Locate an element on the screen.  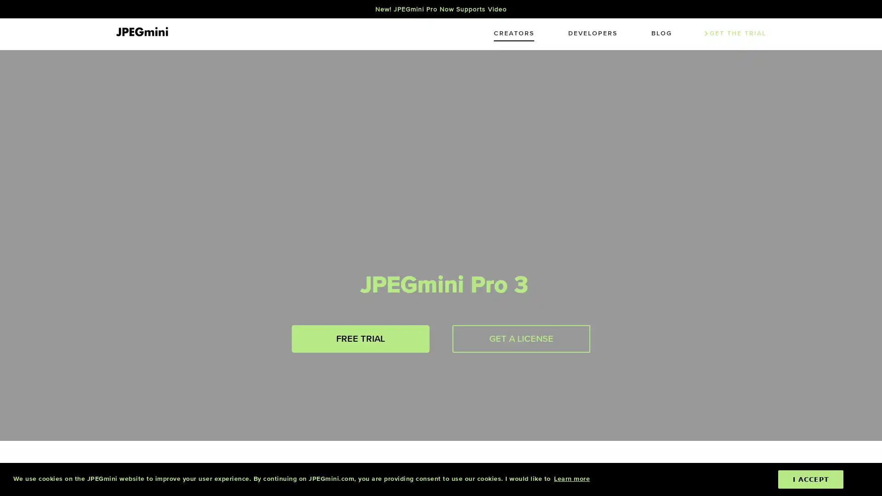
FREE TRIAL is located at coordinates (360, 338).